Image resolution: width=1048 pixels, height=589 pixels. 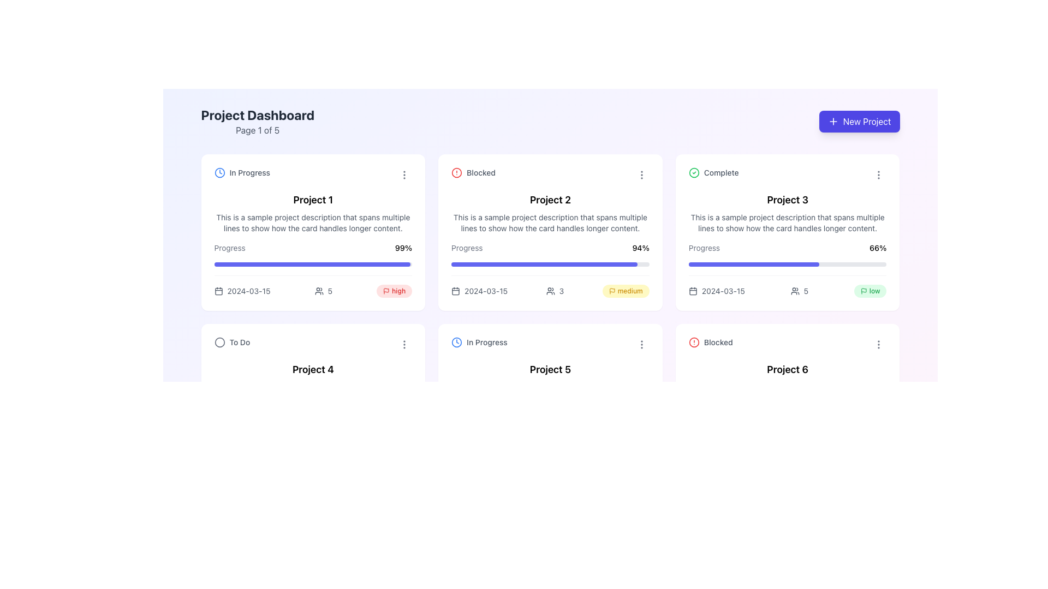 I want to click on contextual description provided by the text label located in the middle section of the 'Project 1' card, beneath the title and above the progress bar, so click(x=312, y=222).